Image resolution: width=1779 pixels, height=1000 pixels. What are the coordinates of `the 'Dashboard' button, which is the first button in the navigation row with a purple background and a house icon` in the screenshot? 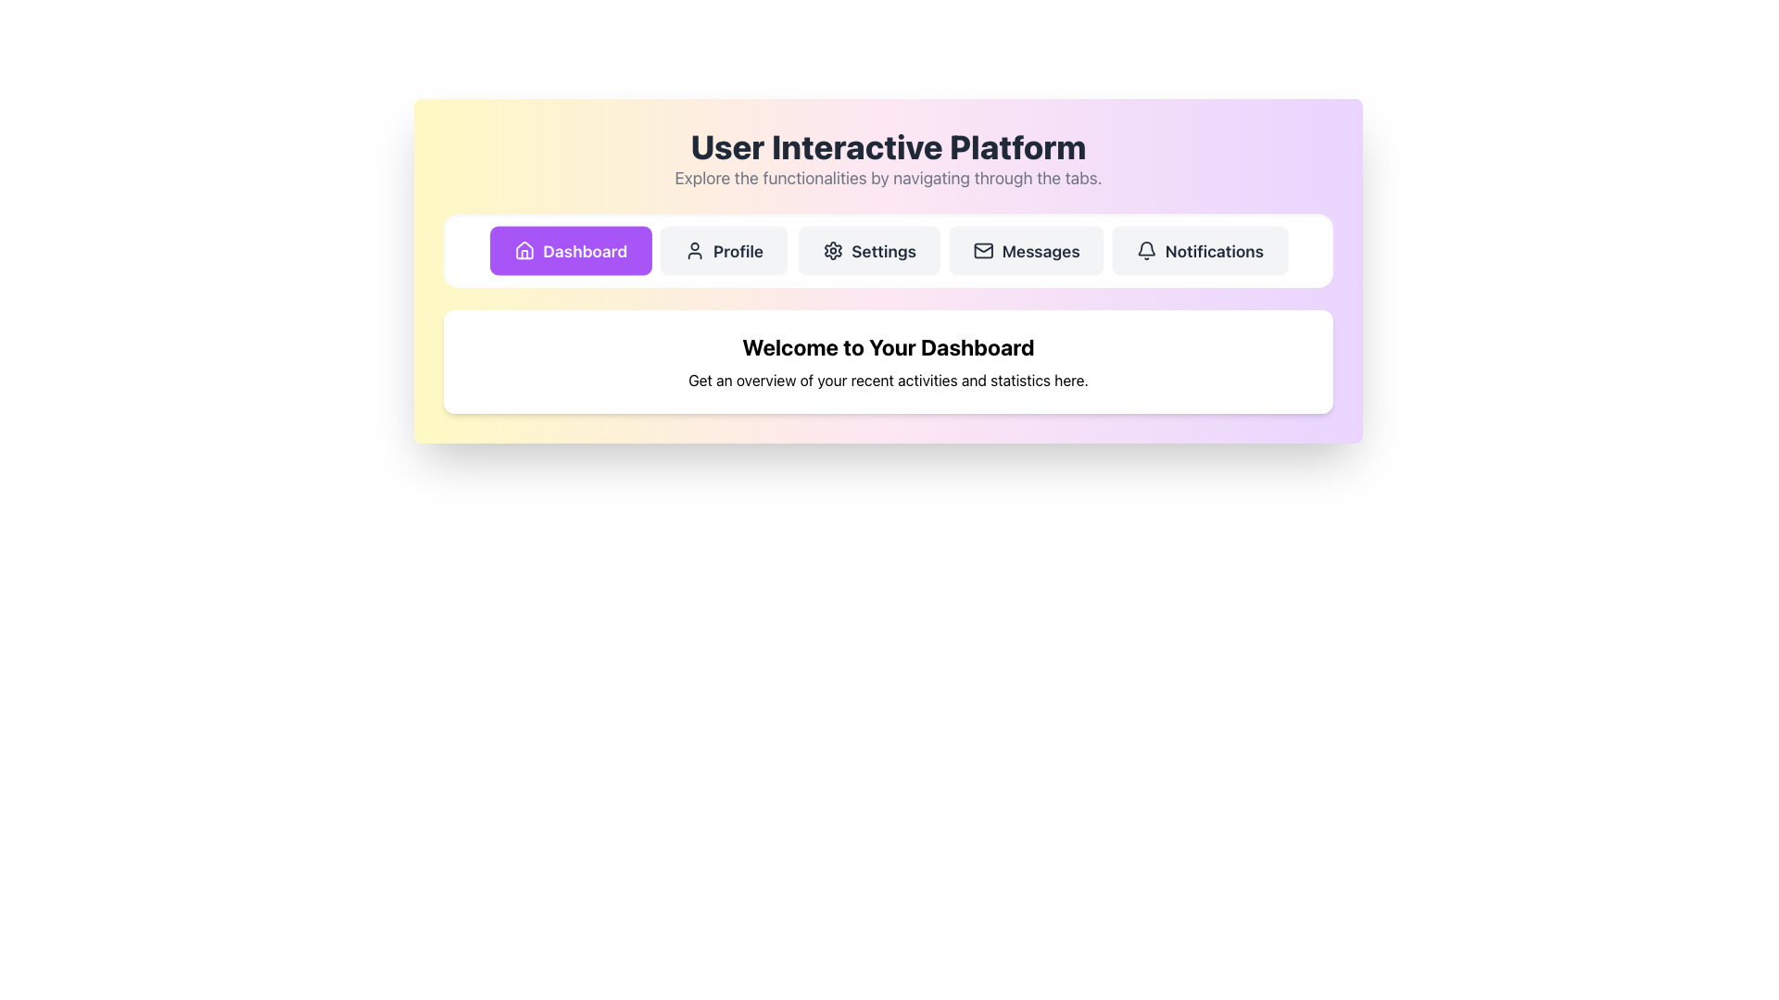 It's located at (569, 250).